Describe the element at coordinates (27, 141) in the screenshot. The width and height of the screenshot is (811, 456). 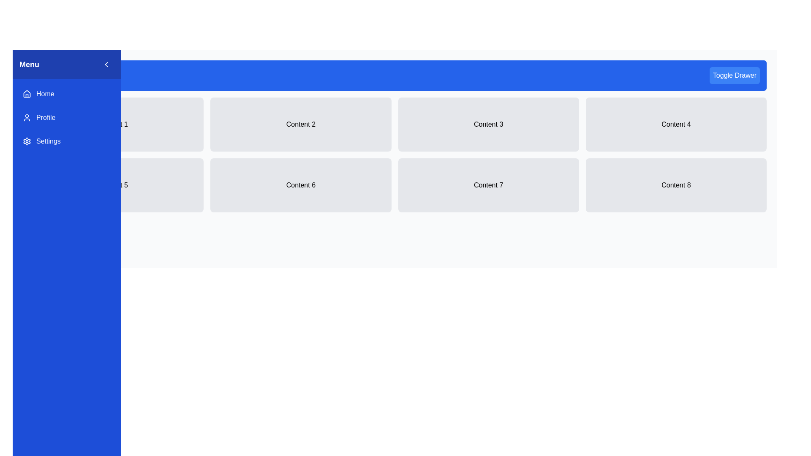
I see `the gear-shaped settings icon with a blue background and white outlines, which is the first icon in the 'Settings' menu located in the left-side navigation bar` at that location.